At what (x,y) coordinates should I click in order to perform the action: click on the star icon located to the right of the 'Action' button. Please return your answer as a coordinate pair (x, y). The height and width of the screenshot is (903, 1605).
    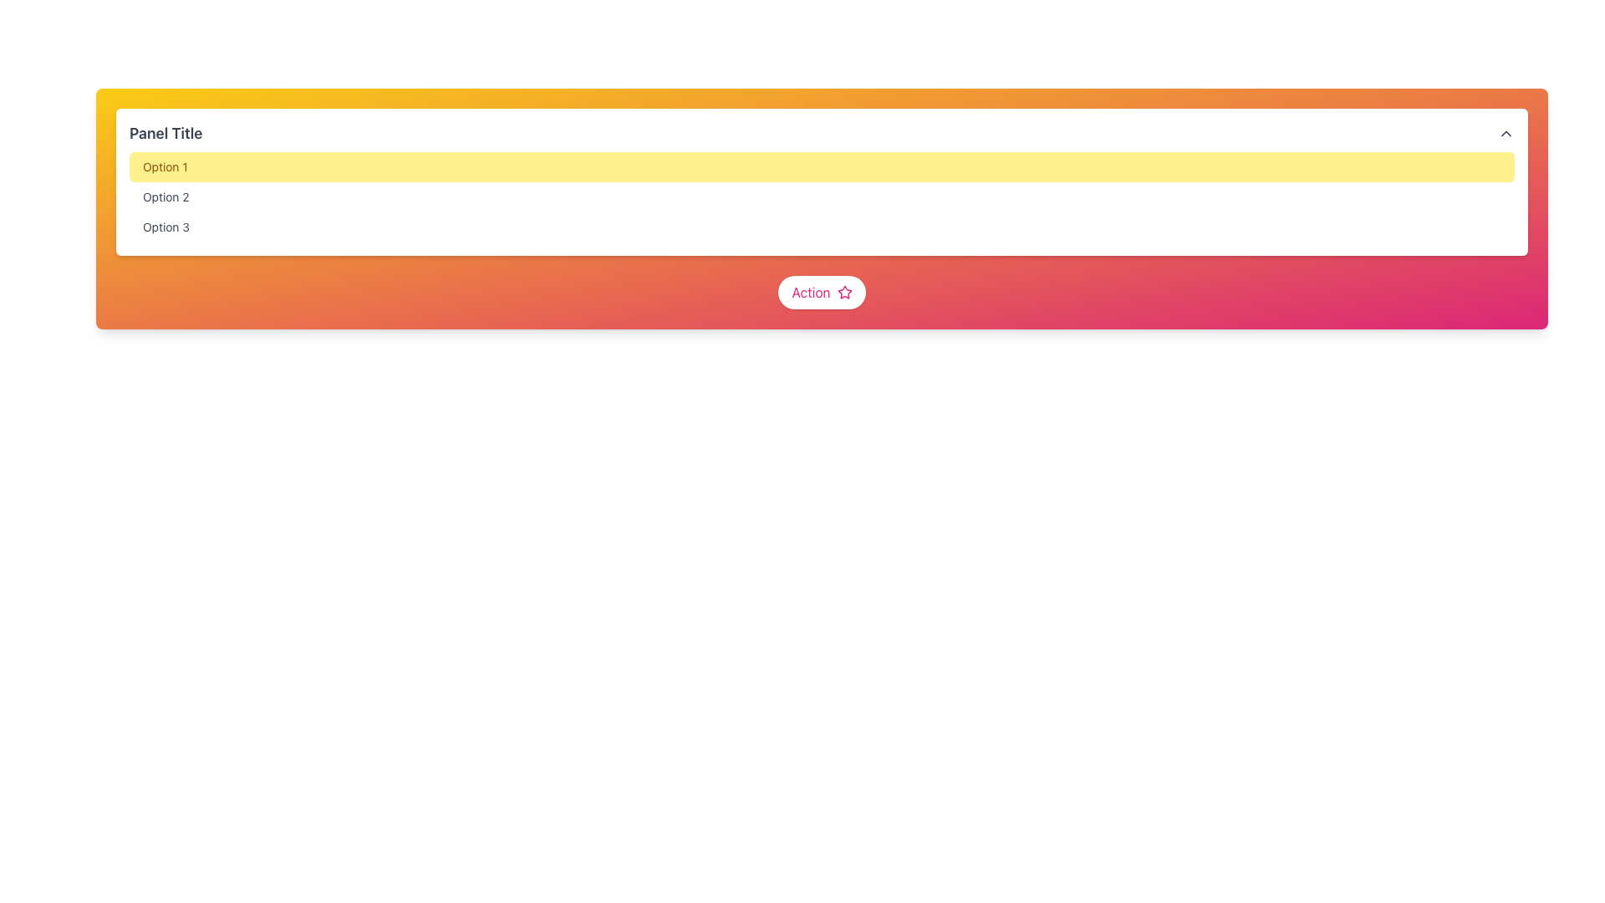
    Looking at the image, I should click on (843, 290).